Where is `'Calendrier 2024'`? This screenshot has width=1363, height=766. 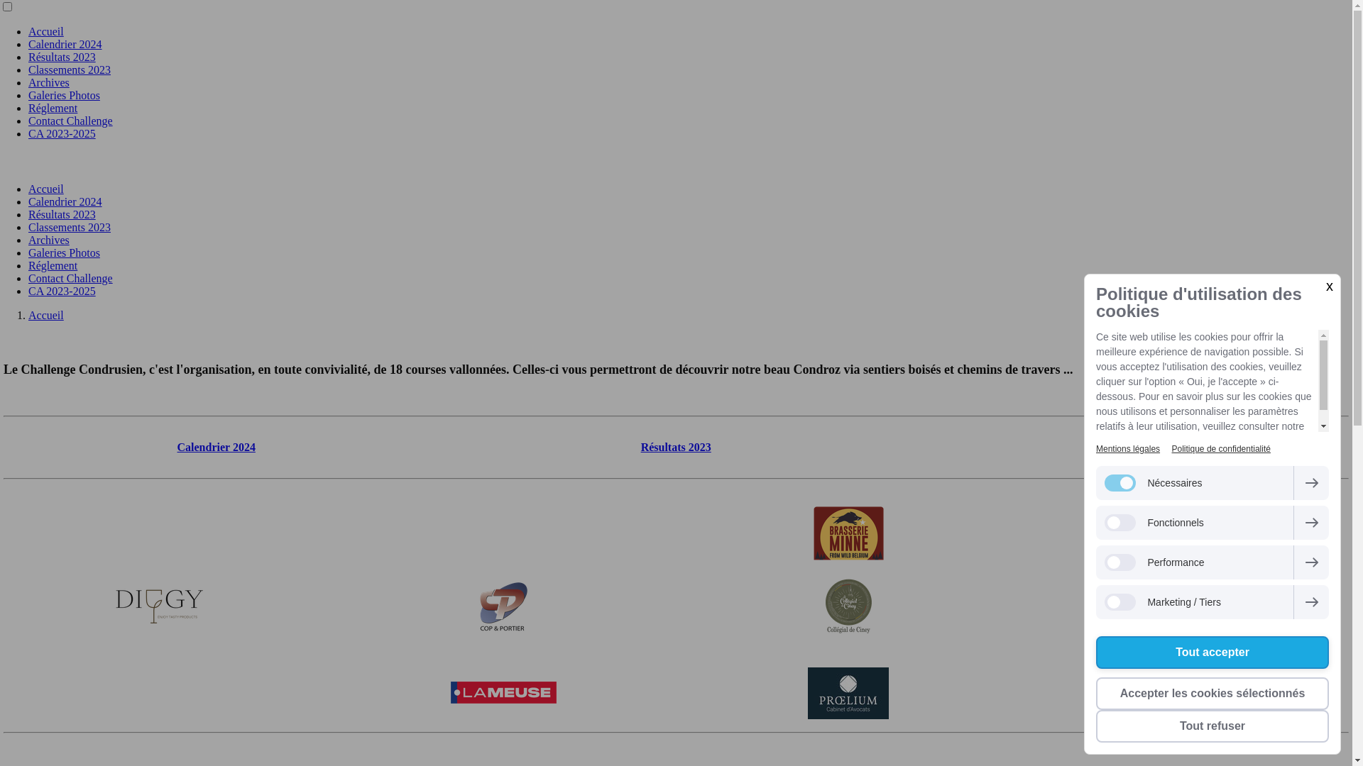
'Calendrier 2024' is located at coordinates (64, 43).